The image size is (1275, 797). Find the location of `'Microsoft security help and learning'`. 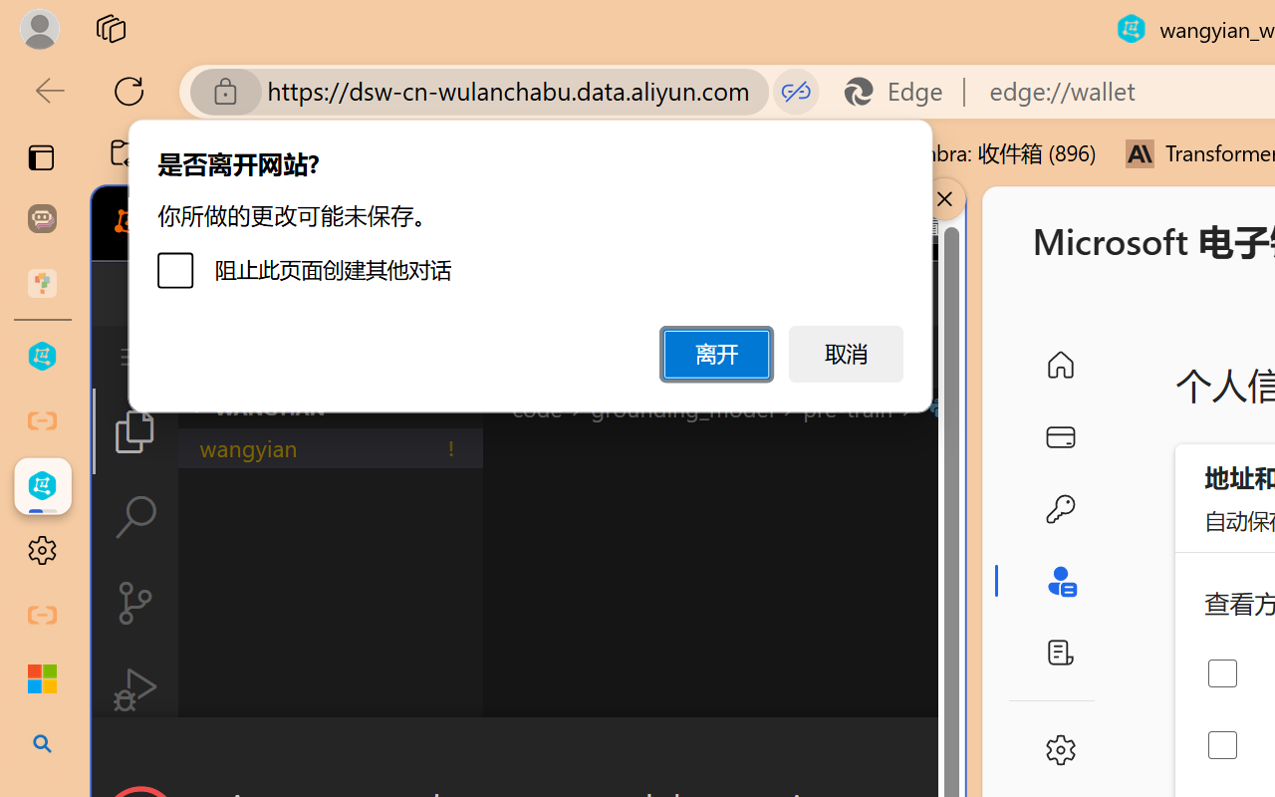

'Microsoft security help and learning' is located at coordinates (42, 679).